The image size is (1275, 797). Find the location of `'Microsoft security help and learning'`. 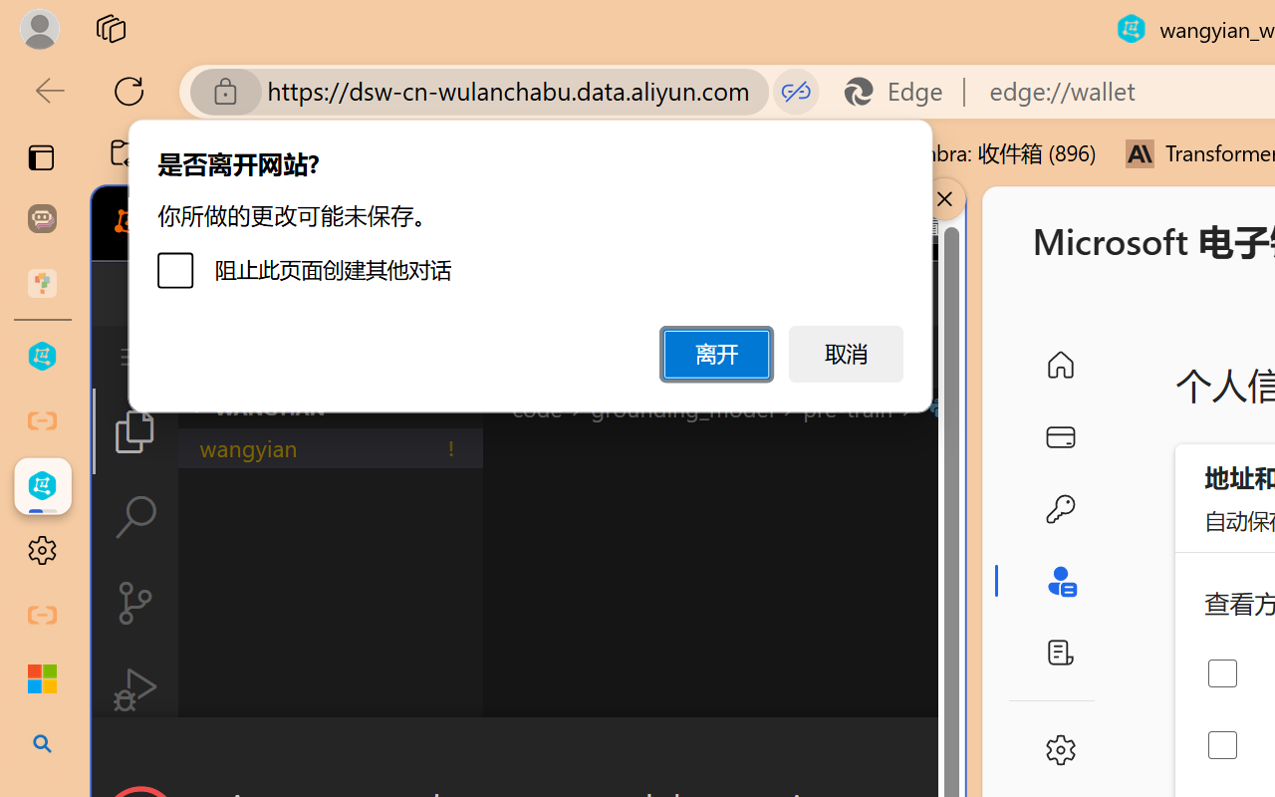

'Microsoft security help and learning' is located at coordinates (42, 679).